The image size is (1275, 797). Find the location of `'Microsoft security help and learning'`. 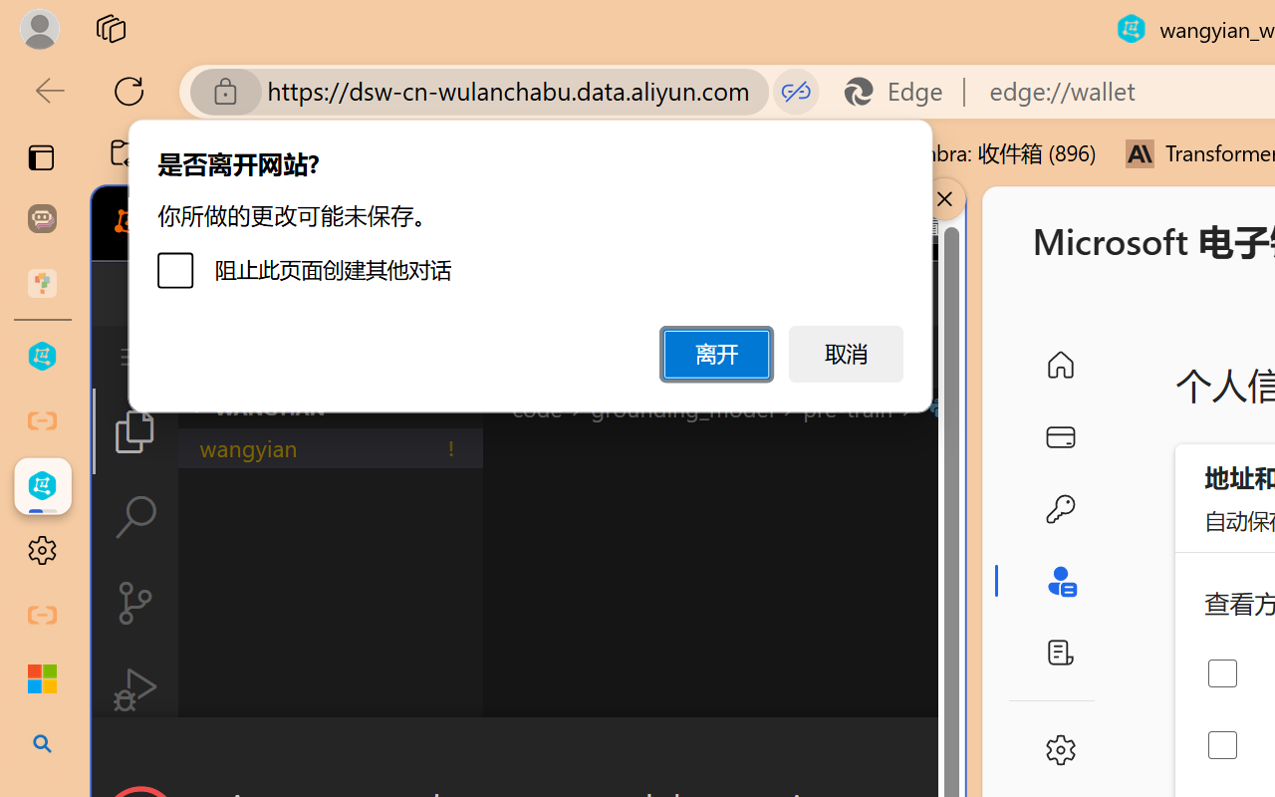

'Microsoft security help and learning' is located at coordinates (42, 679).